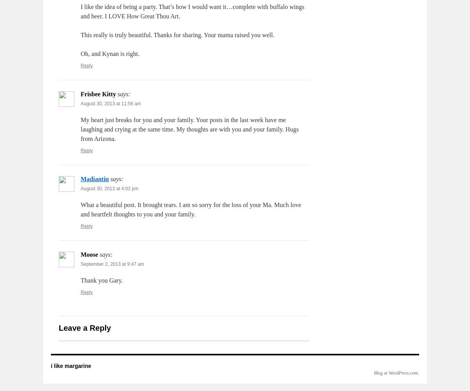 This screenshot has width=470, height=391. Describe the element at coordinates (94, 179) in the screenshot. I see `'Madiantin'` at that location.